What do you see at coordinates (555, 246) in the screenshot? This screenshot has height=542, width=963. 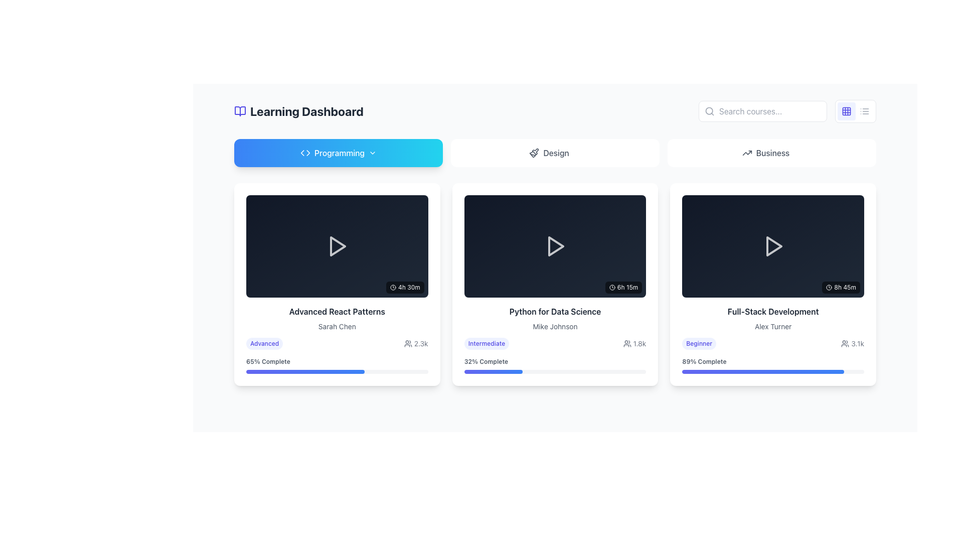 I see `the play triangle icon located` at bounding box center [555, 246].